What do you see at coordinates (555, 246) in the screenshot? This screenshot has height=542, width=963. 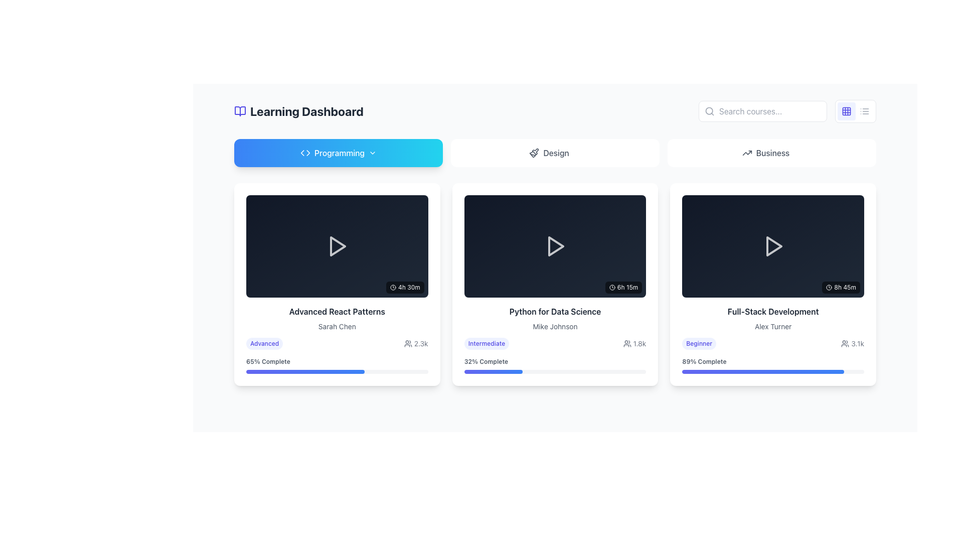 I see `the play triangle icon located` at bounding box center [555, 246].